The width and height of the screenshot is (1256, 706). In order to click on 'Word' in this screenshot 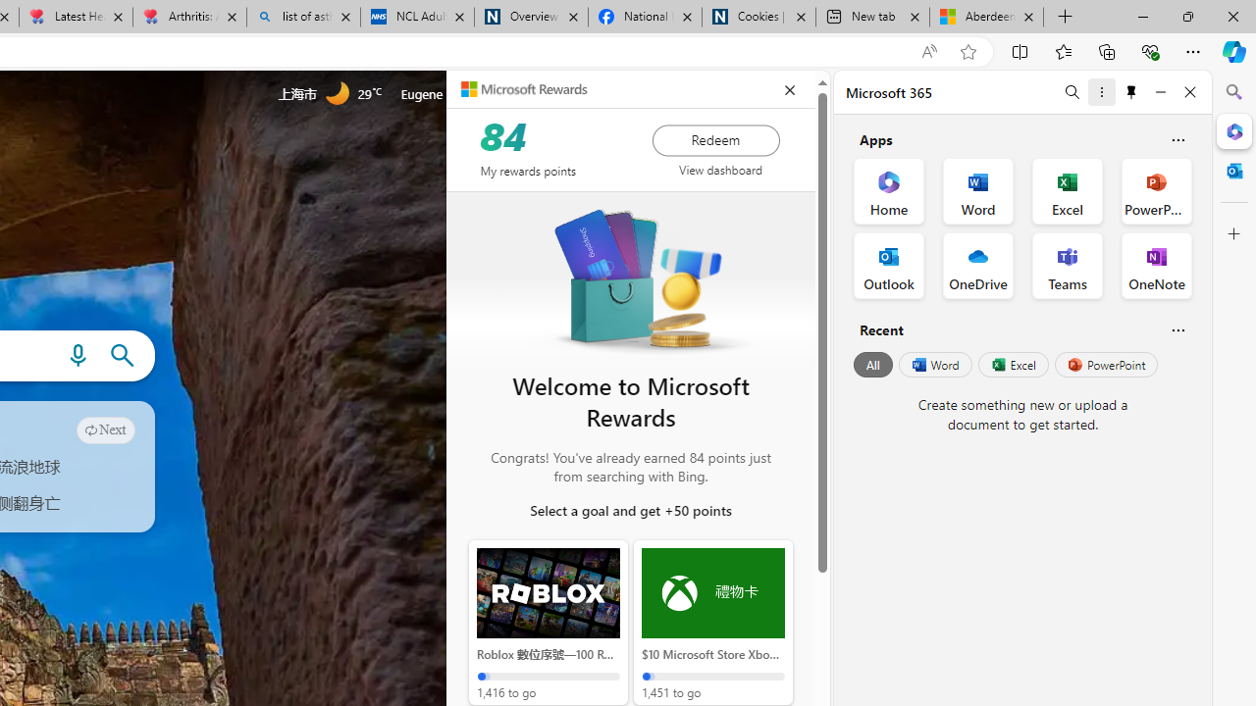, I will do `click(933, 365)`.